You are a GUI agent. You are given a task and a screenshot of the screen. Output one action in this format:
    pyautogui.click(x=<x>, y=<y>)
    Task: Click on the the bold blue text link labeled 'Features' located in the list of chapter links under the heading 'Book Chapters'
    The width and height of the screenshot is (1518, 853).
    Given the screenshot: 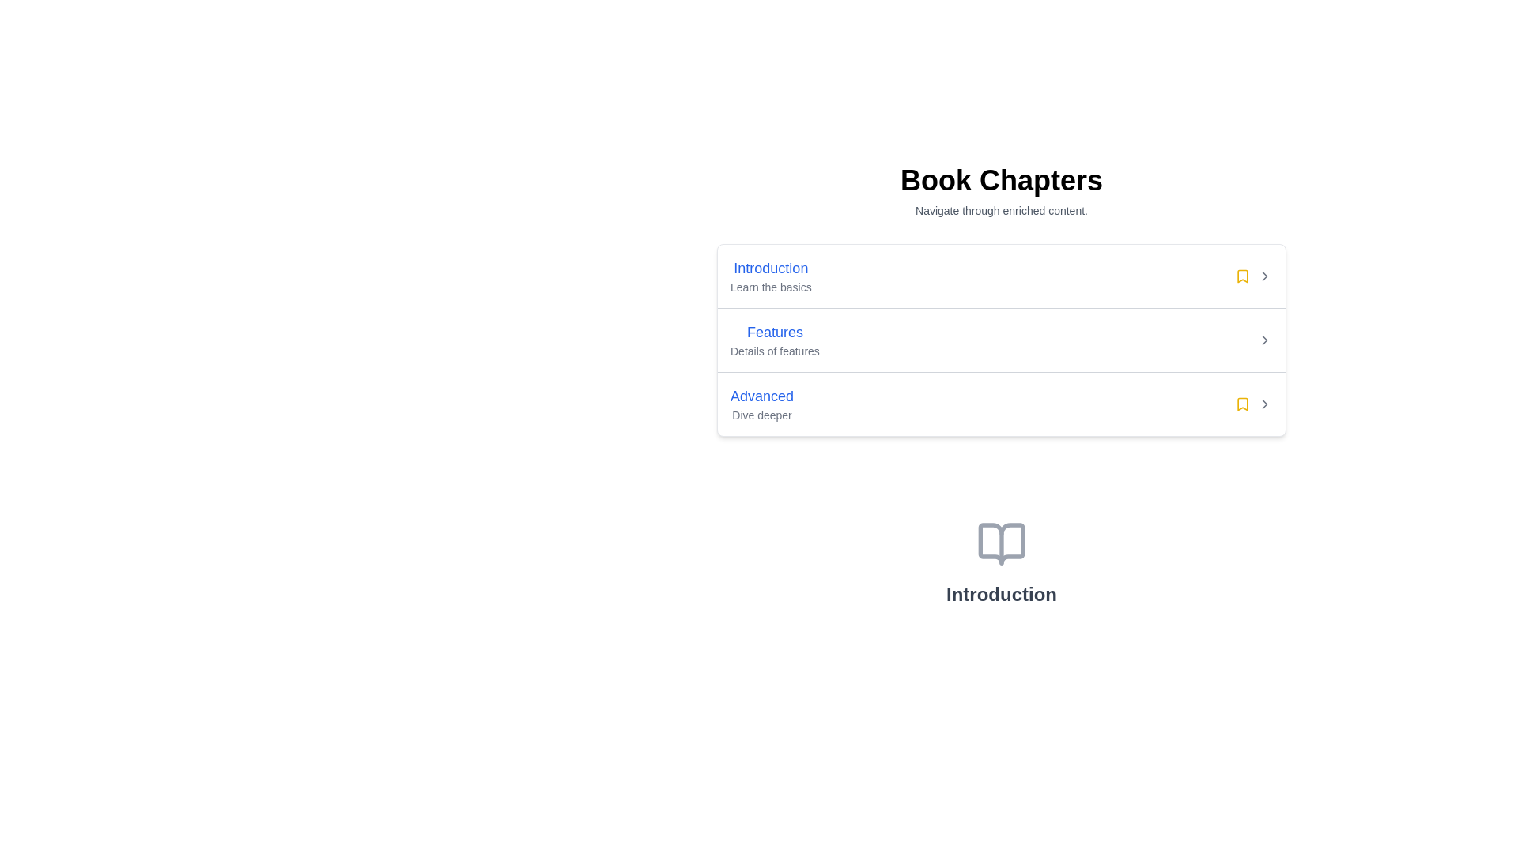 What is the action you would take?
    pyautogui.click(x=775, y=331)
    